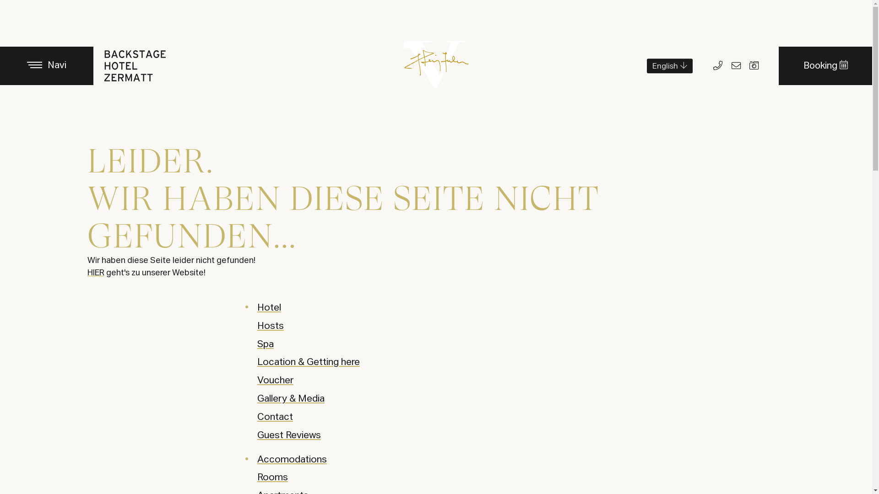 This screenshot has height=494, width=879. Describe the element at coordinates (745, 65) in the screenshot. I see `'Bidler'` at that location.